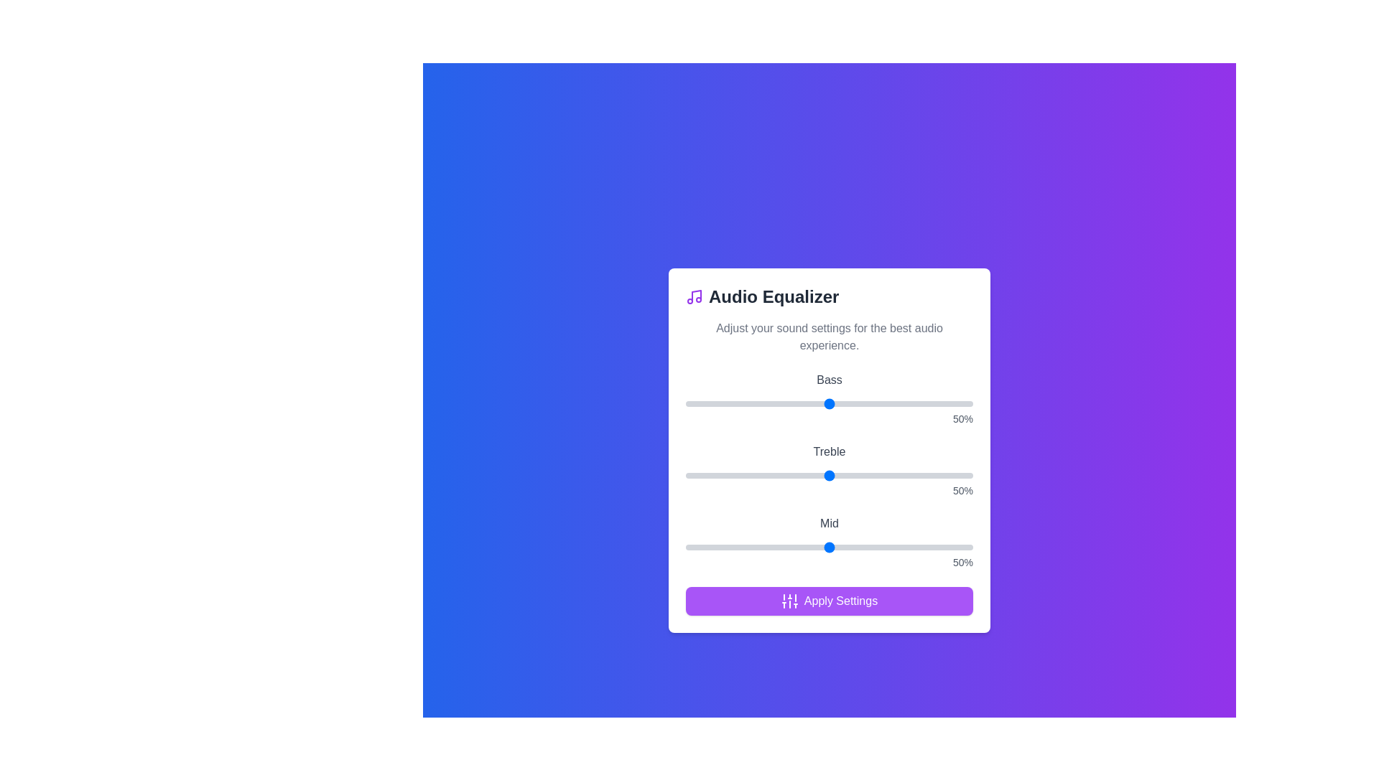 This screenshot has width=1379, height=775. What do you see at coordinates (812, 404) in the screenshot?
I see `the bass slider to 44%` at bounding box center [812, 404].